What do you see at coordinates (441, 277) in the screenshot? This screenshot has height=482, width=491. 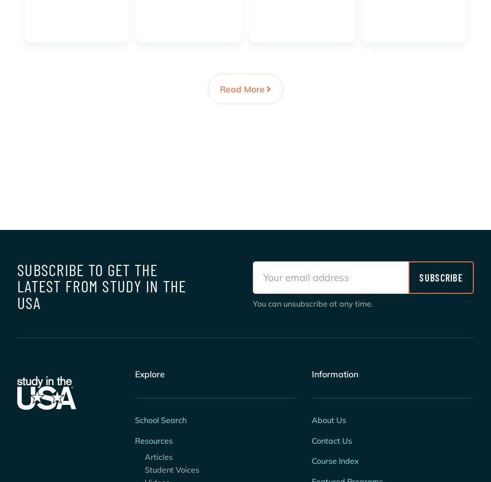 I see `'Subscribe'` at bounding box center [441, 277].